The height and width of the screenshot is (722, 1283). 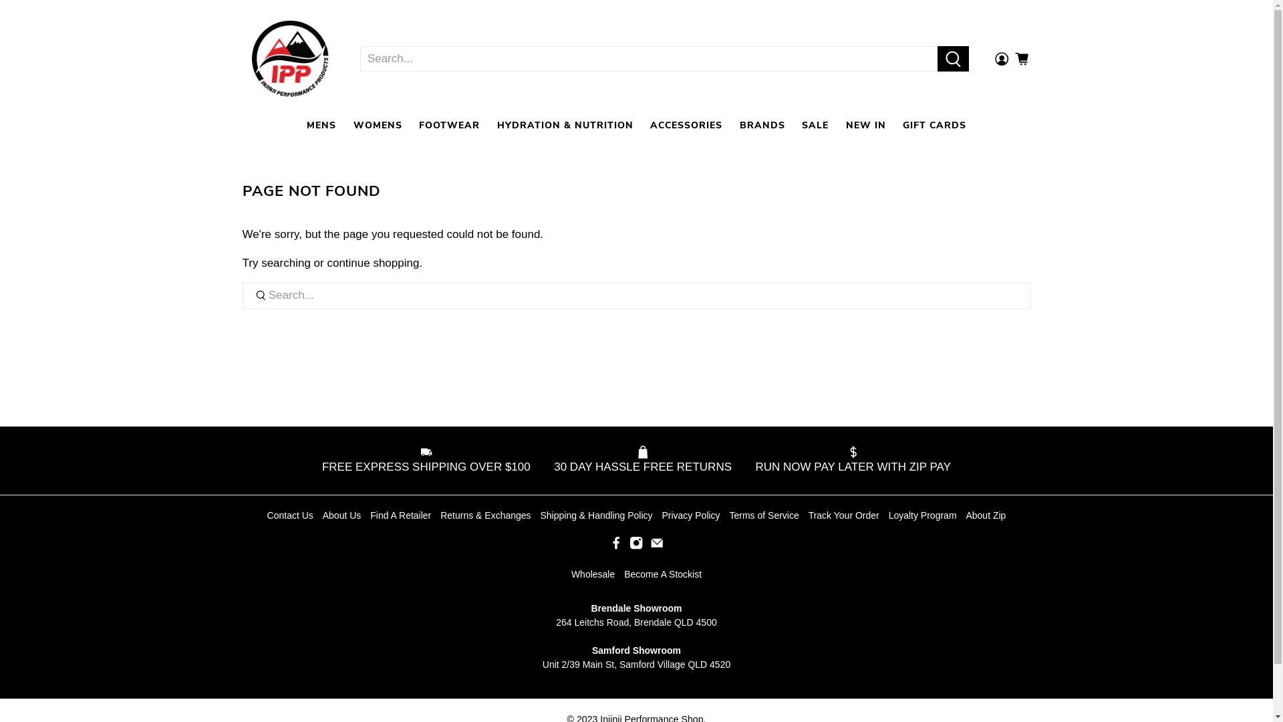 What do you see at coordinates (539, 515) in the screenshot?
I see `'Shipping & Handling Policy'` at bounding box center [539, 515].